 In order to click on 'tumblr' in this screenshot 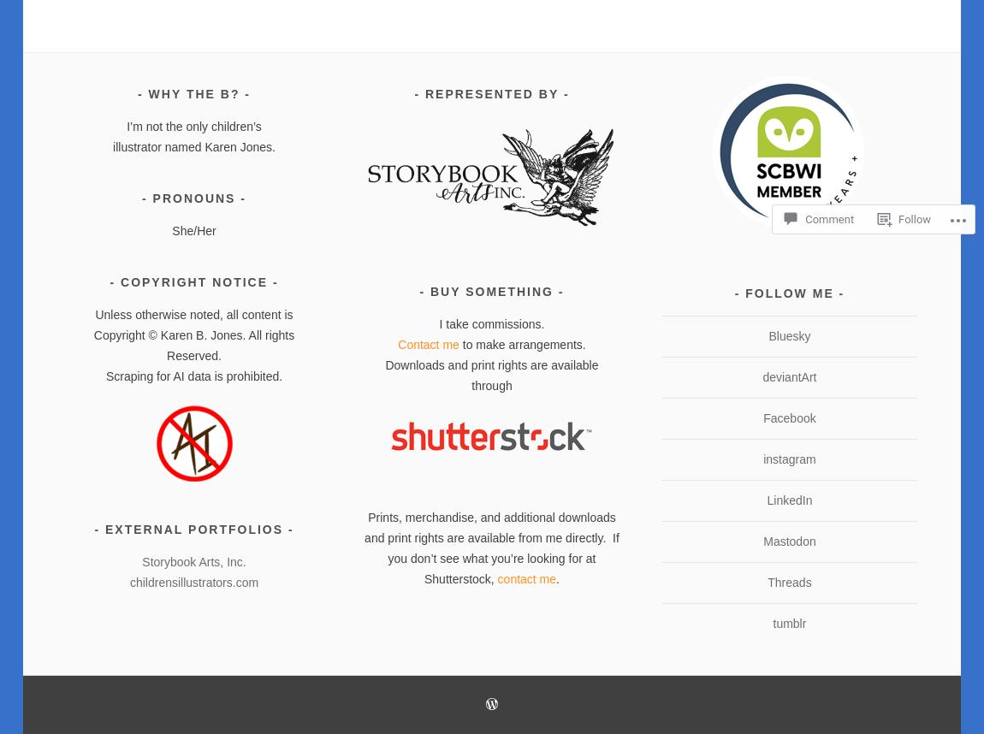, I will do `click(772, 623)`.